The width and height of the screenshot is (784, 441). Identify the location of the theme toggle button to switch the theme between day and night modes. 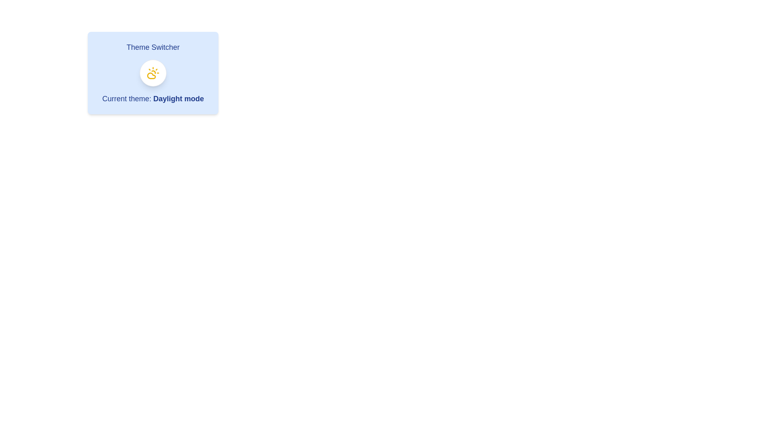
(153, 72).